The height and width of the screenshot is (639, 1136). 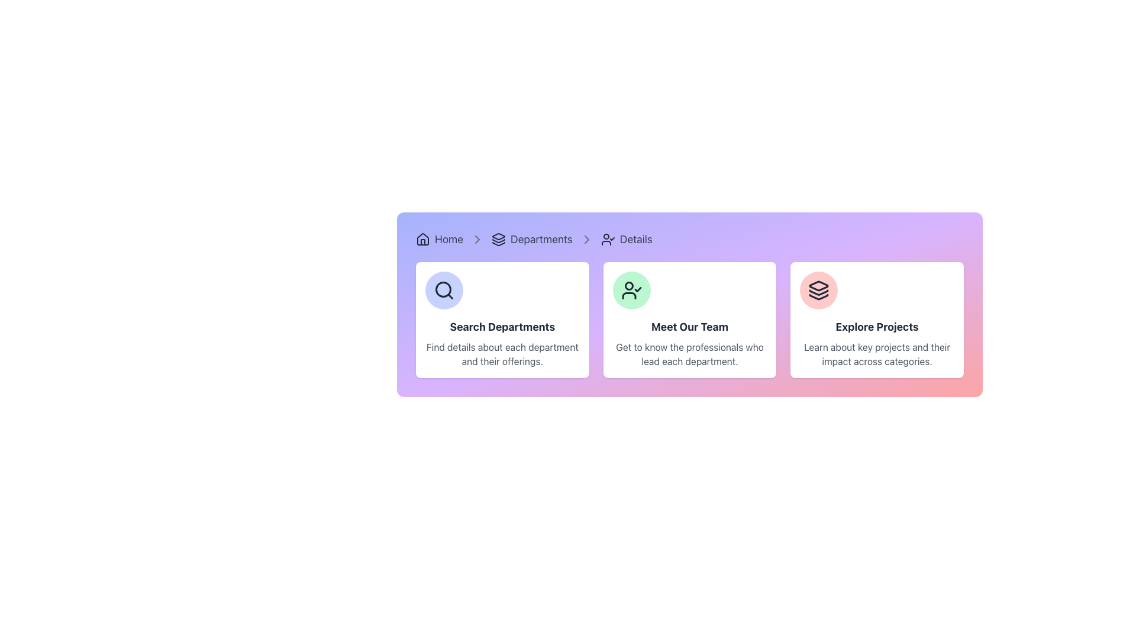 I want to click on the third item in the breadcrumb navigation bar, which is the 'Departments' link, so click(x=541, y=240).